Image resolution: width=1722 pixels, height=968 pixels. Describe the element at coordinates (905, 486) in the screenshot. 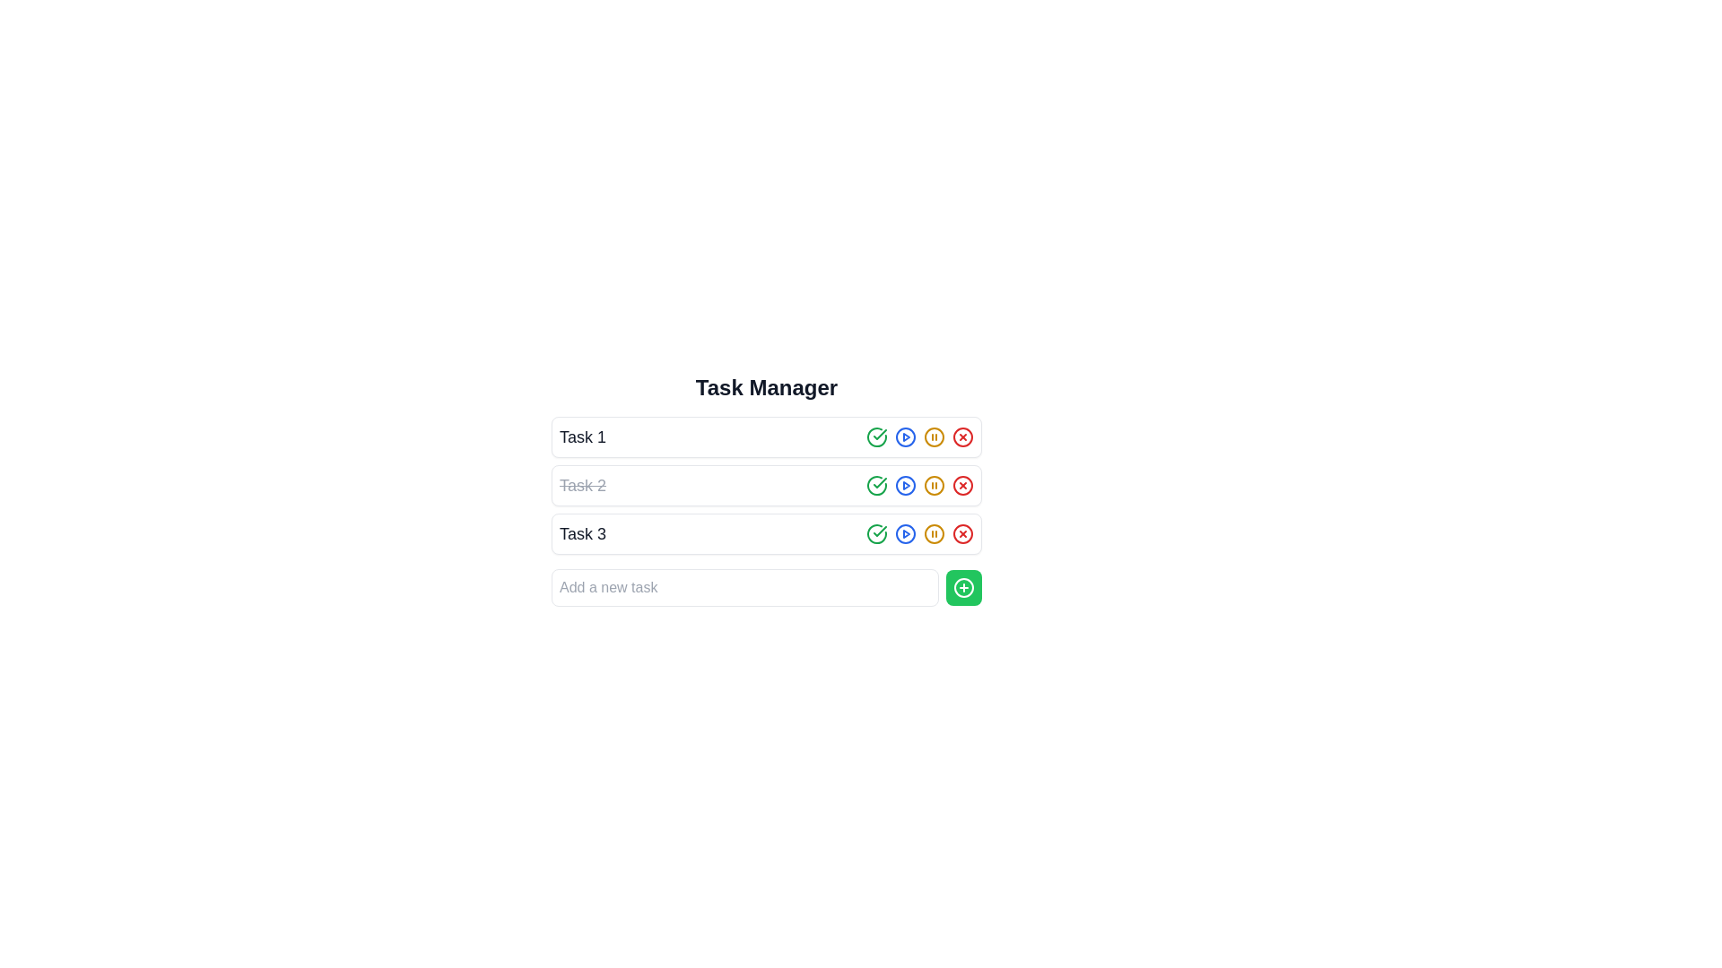

I see `the blue circular play button with a triangular play symbol at its center, the second interactive control for 'Task 2'` at that location.